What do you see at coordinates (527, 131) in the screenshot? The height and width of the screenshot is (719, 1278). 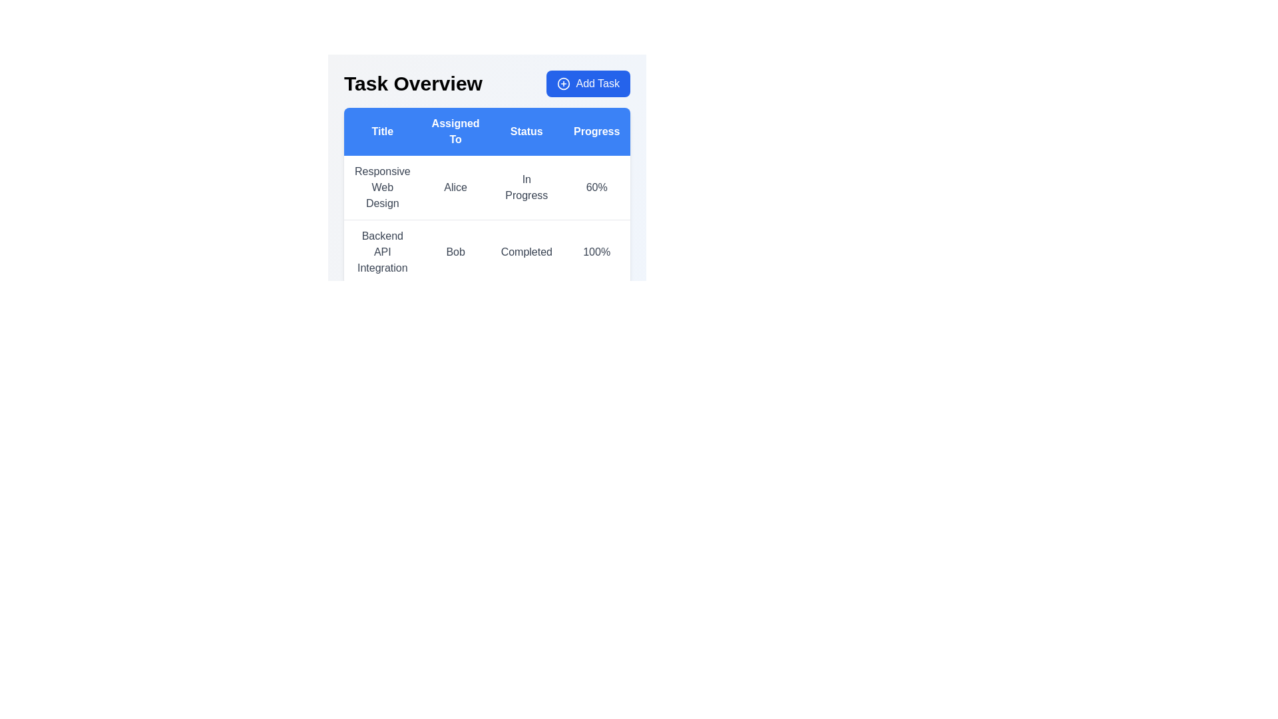 I see `the Table Header that labels the columns 'Title', 'Assigned To', 'Status', 'Progress', and 'Actions', located directly below the 'Task Overview' header` at bounding box center [527, 131].